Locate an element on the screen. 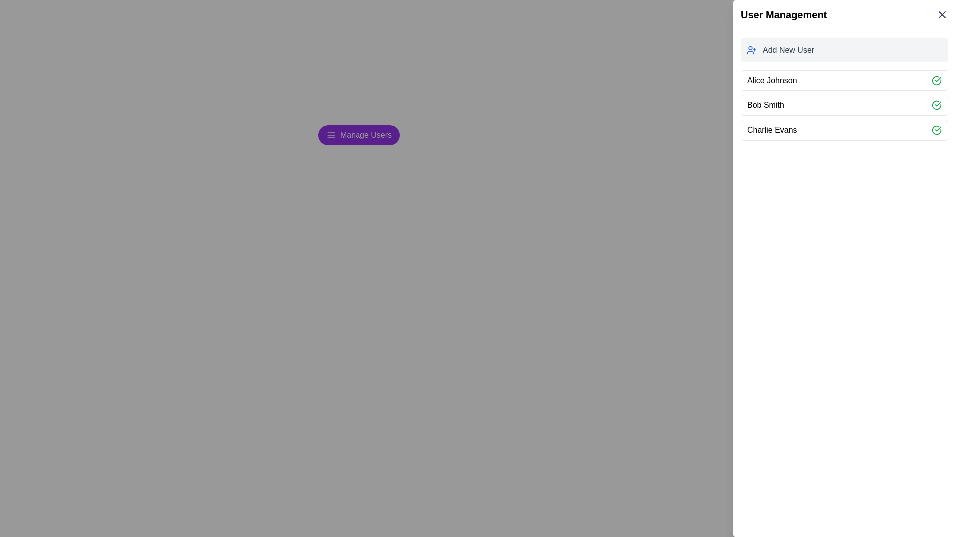 Image resolution: width=956 pixels, height=537 pixels. the 'Manage Users' text label, which is styled in white font on a purple background within a rounded rectangular button, located at the center coordinates provided is located at coordinates (365, 135).